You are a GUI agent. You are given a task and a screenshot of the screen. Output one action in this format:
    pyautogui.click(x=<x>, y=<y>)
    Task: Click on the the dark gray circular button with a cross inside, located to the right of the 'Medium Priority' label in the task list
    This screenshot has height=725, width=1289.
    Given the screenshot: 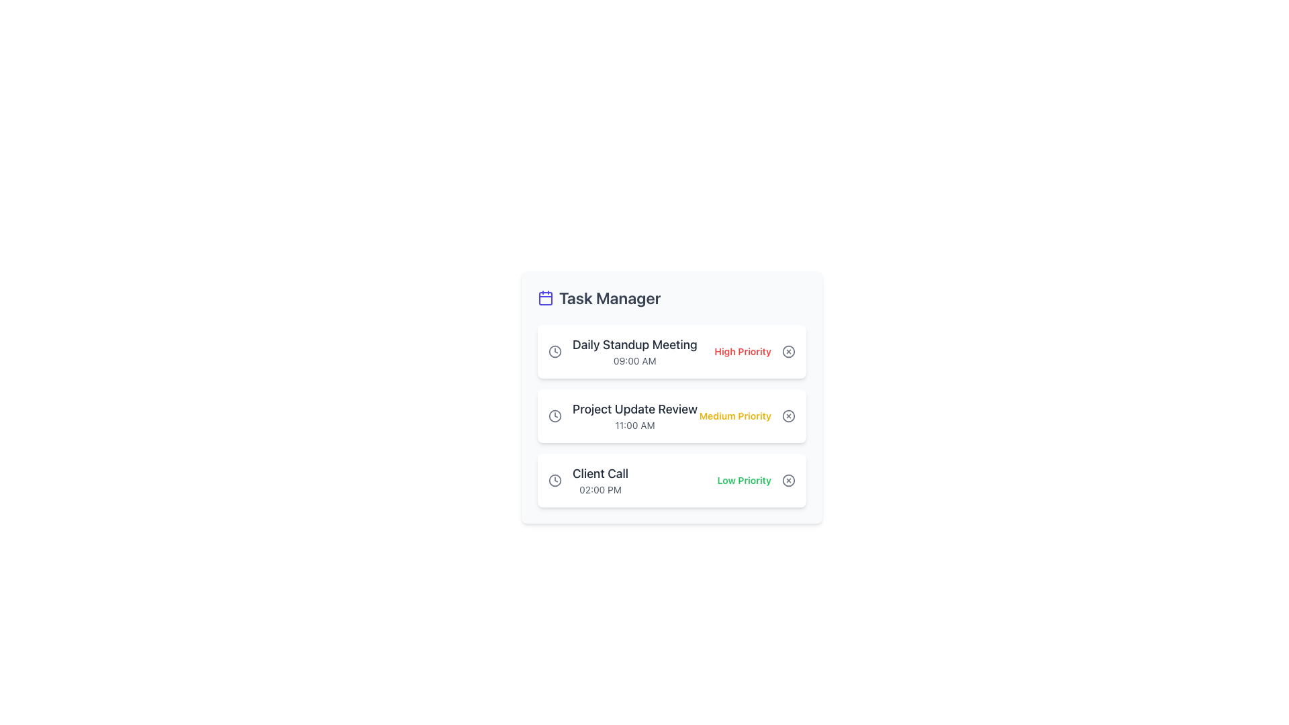 What is the action you would take?
    pyautogui.click(x=789, y=416)
    